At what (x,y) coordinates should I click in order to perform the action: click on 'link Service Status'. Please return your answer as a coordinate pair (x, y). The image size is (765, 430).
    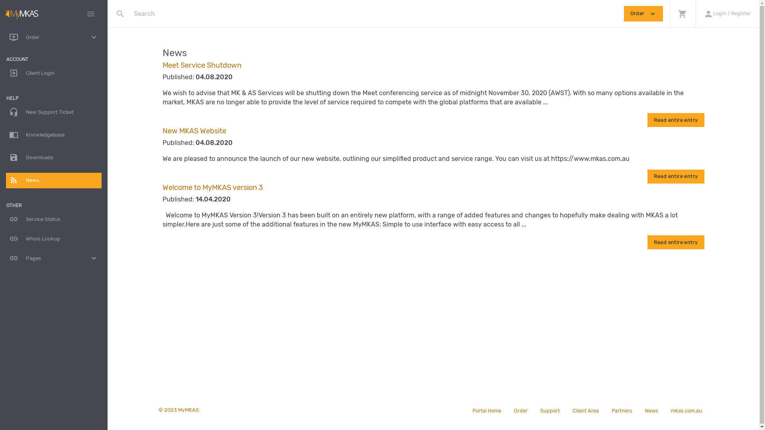
    Looking at the image, I should click on (53, 219).